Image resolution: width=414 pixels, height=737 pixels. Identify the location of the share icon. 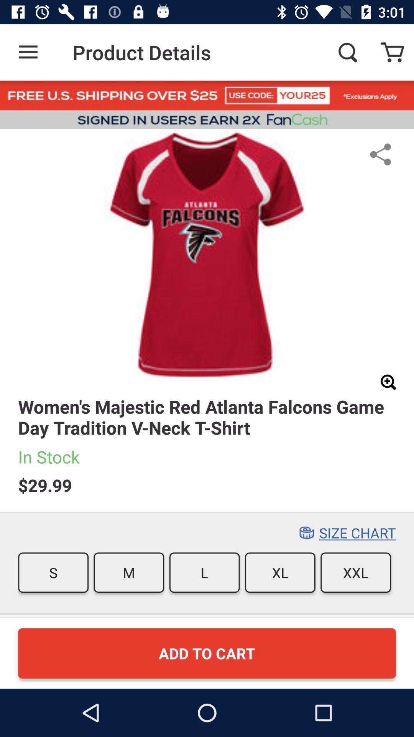
(380, 154).